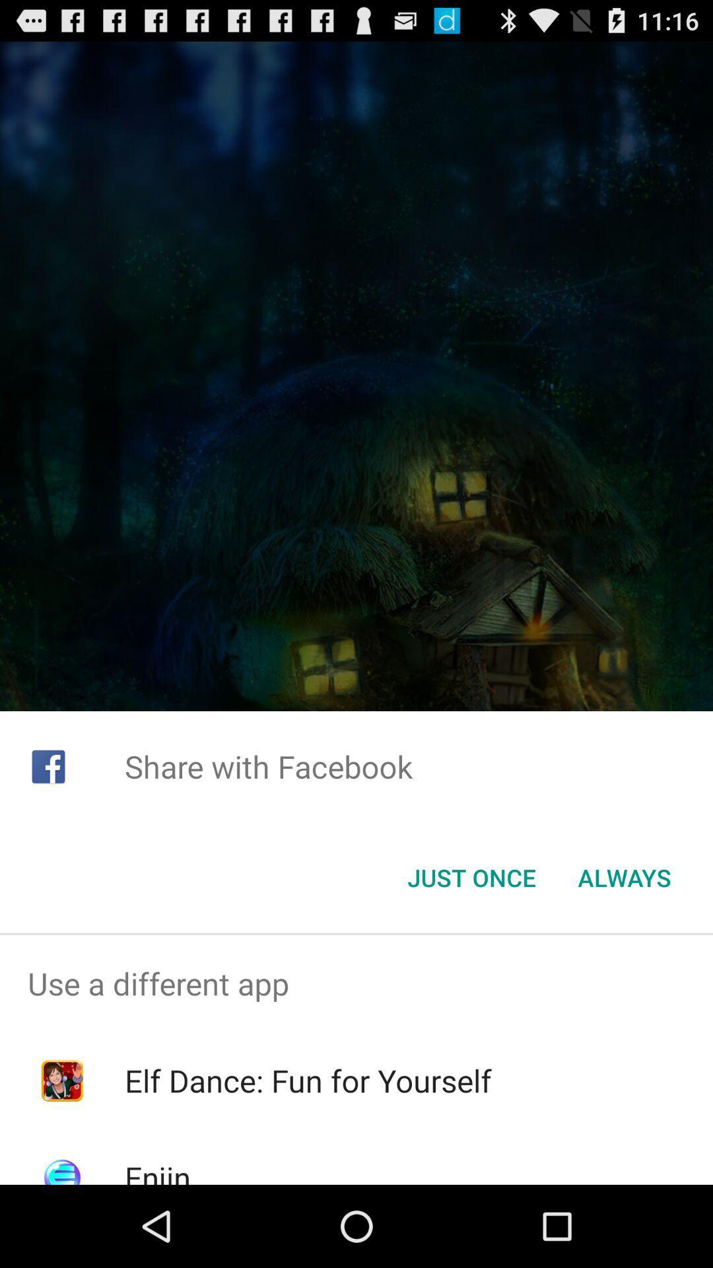 The image size is (713, 1268). What do you see at coordinates (471, 878) in the screenshot?
I see `the just once item` at bounding box center [471, 878].